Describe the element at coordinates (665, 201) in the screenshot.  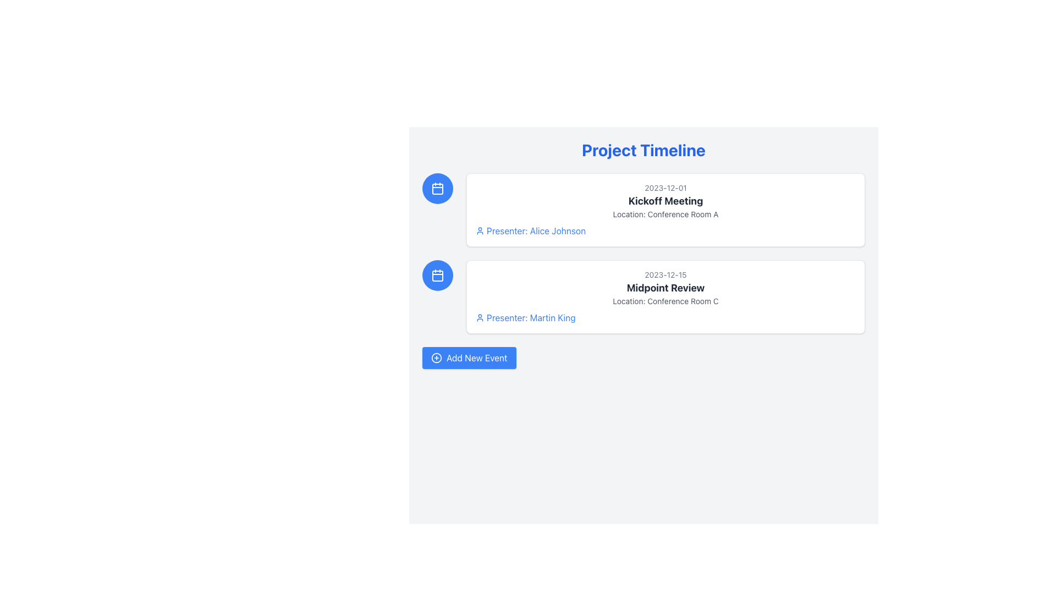
I see `the static text label displaying the title of the event, which is located below the date '2023-12-01' and above the details 'Location: Conference Room A'` at that location.